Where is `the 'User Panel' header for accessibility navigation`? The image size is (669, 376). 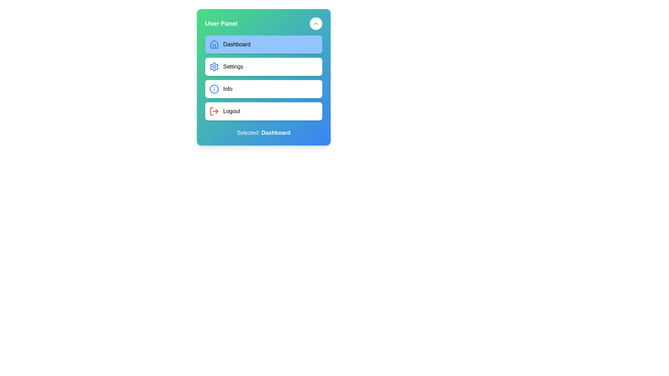
the 'User Panel' header for accessibility navigation is located at coordinates (263, 23).